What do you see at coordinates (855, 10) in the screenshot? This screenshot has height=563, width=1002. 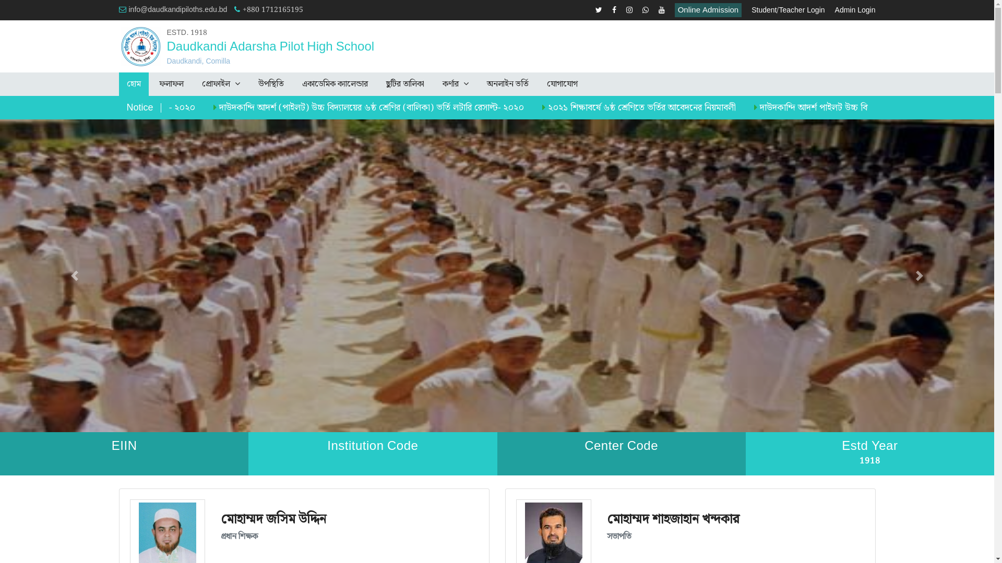 I see `'Admin Login'` at bounding box center [855, 10].